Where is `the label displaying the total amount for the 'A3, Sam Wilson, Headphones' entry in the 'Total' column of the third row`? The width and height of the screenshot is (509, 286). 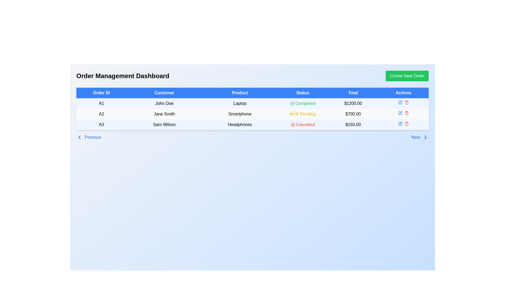
the label displaying the total amount for the 'A3, Sam Wilson, Headphones' entry in the 'Total' column of the third row is located at coordinates (353, 124).